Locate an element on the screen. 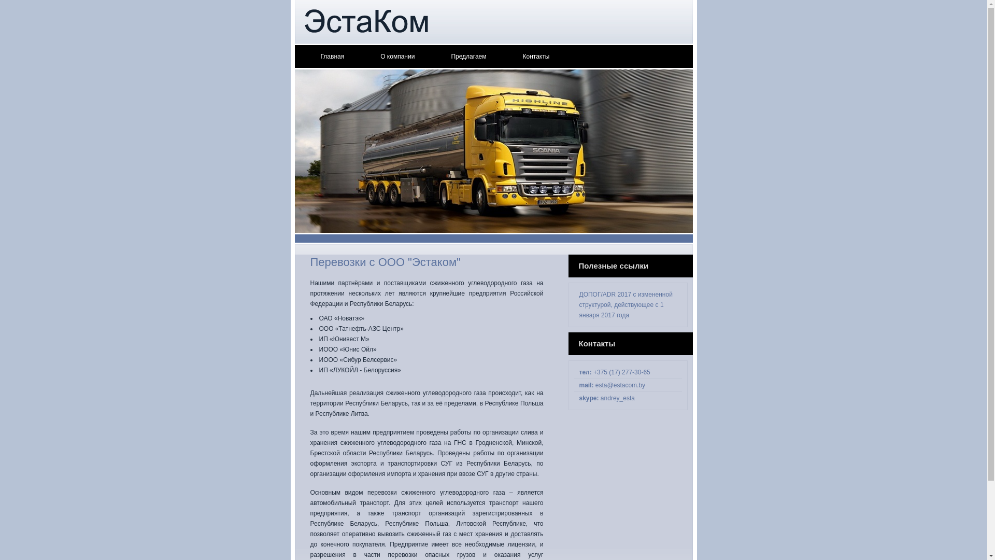  'mail: esta@estacom.by' is located at coordinates (612, 385).